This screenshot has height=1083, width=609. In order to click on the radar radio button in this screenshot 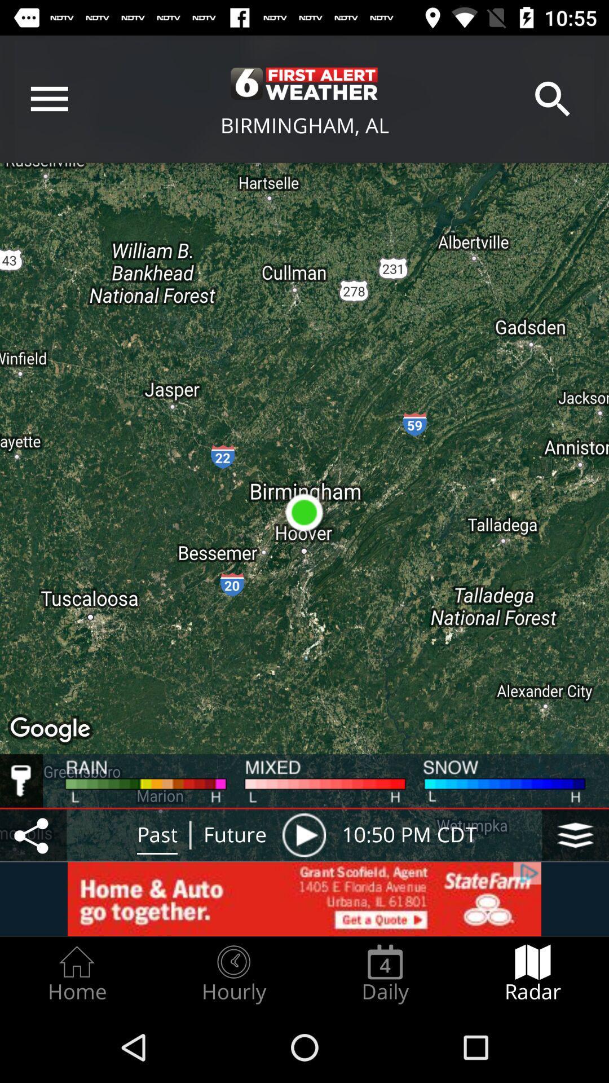, I will do `click(533, 974)`.